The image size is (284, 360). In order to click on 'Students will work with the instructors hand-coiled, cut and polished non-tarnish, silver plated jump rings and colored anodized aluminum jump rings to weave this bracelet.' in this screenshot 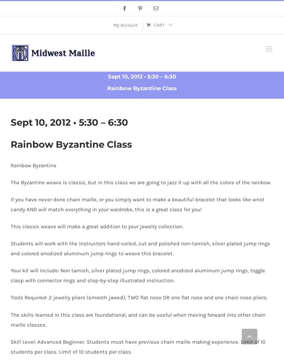, I will do `click(140, 248)`.